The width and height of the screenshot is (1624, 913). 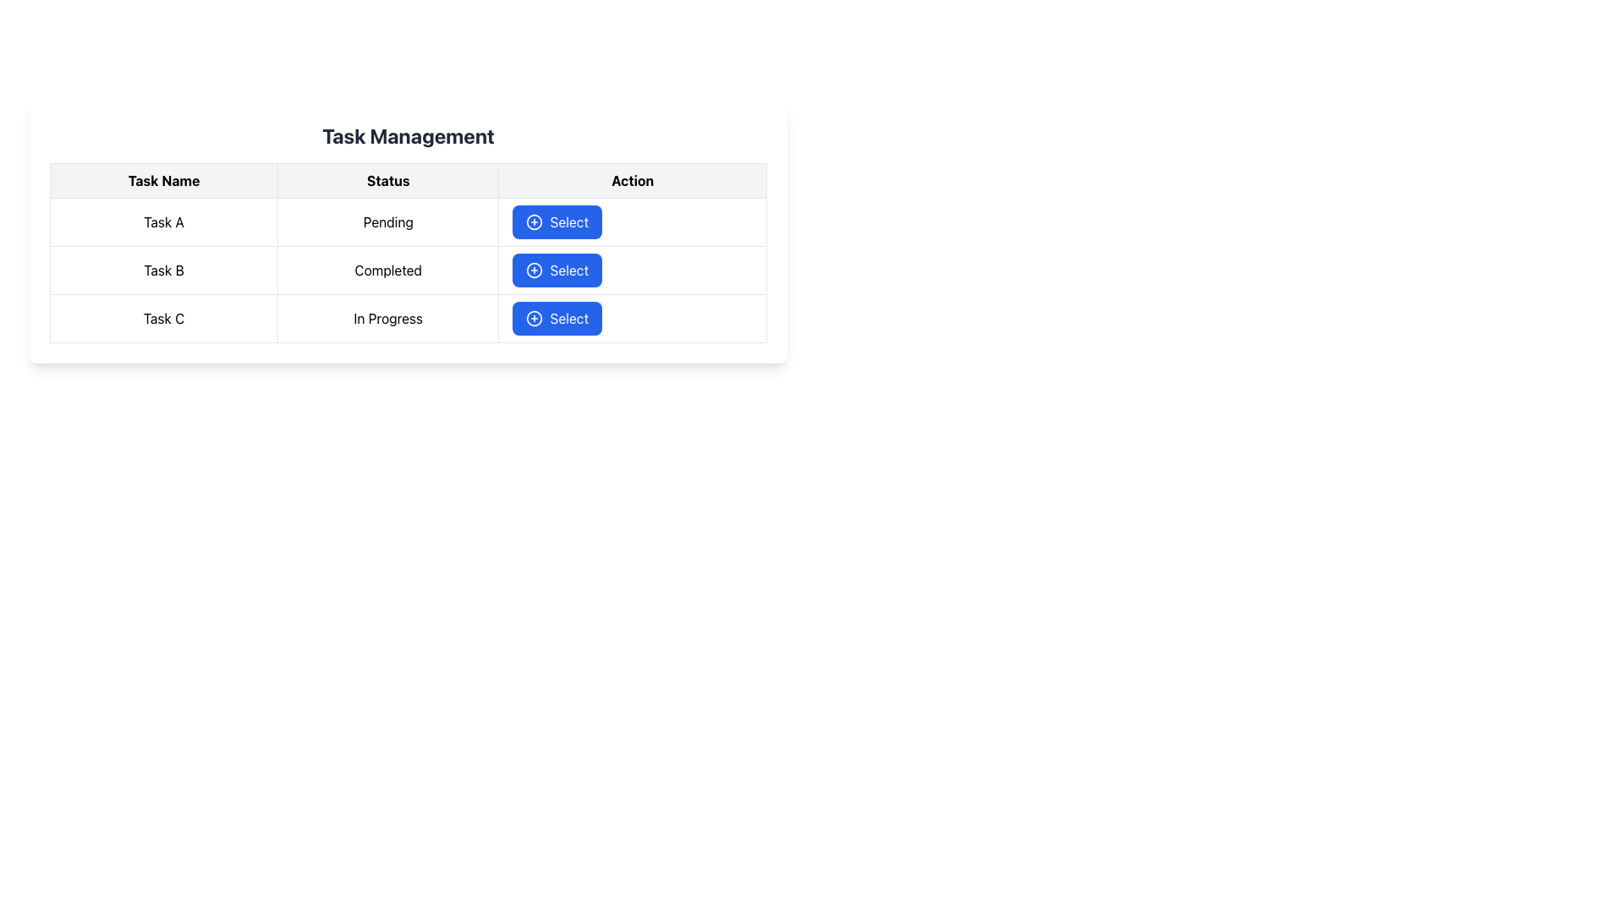 I want to click on the third button in the 'Action' column of the 'Task Management' table, so click(x=557, y=319).